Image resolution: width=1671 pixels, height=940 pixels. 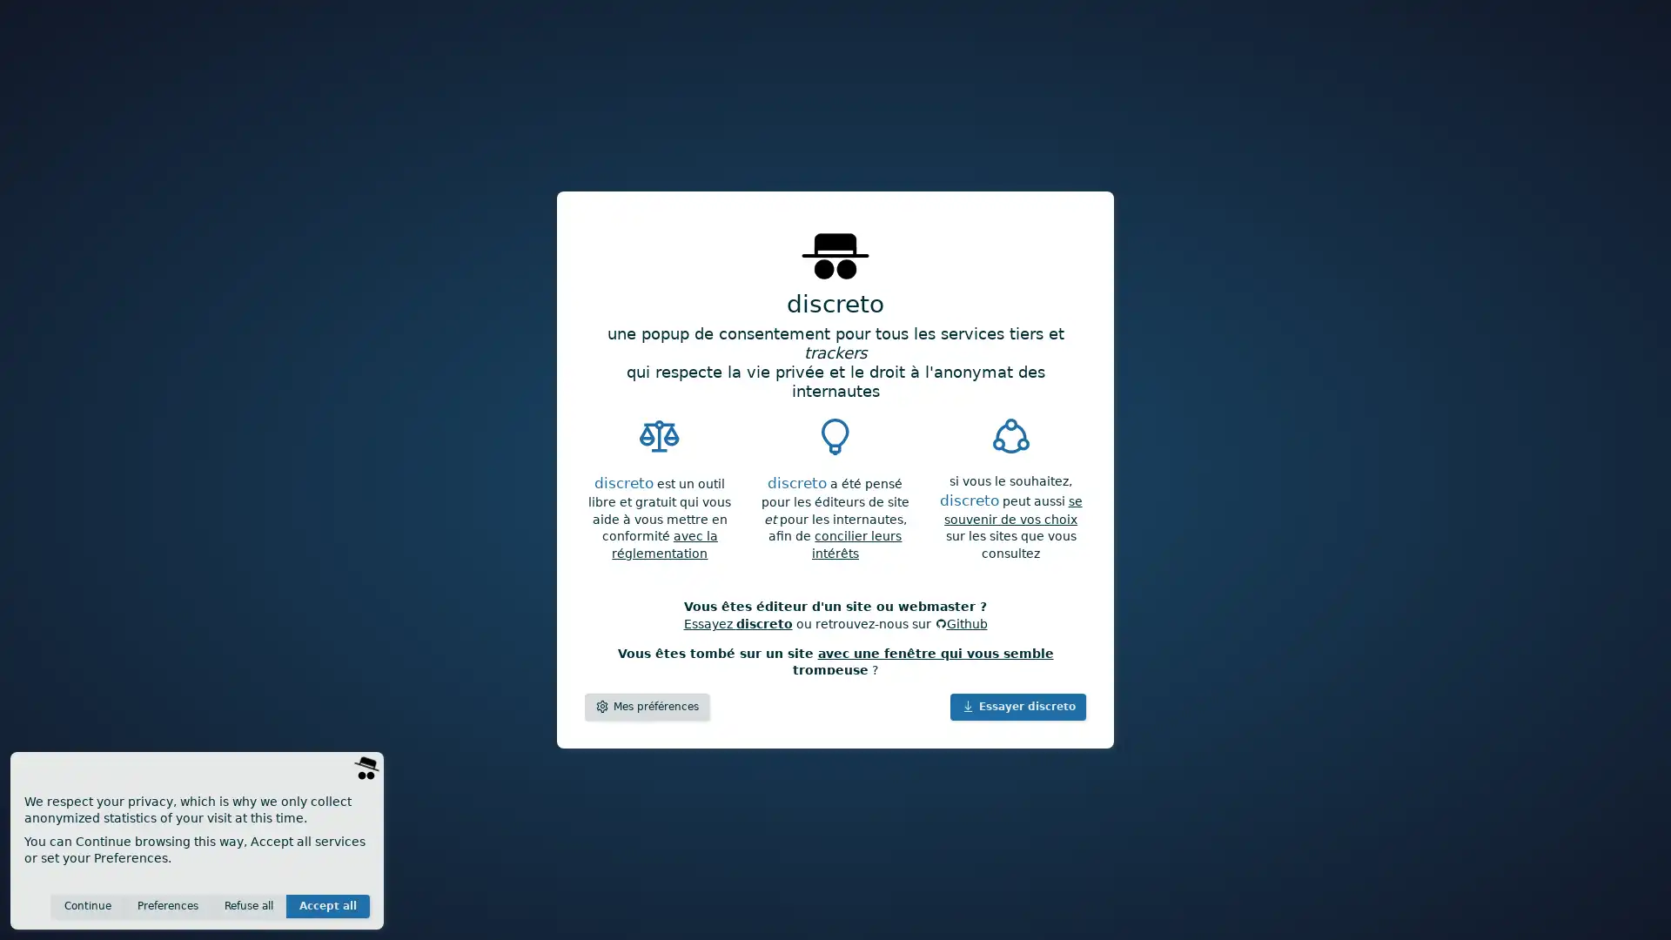 What do you see at coordinates (248, 905) in the screenshot?
I see `Refuse all` at bounding box center [248, 905].